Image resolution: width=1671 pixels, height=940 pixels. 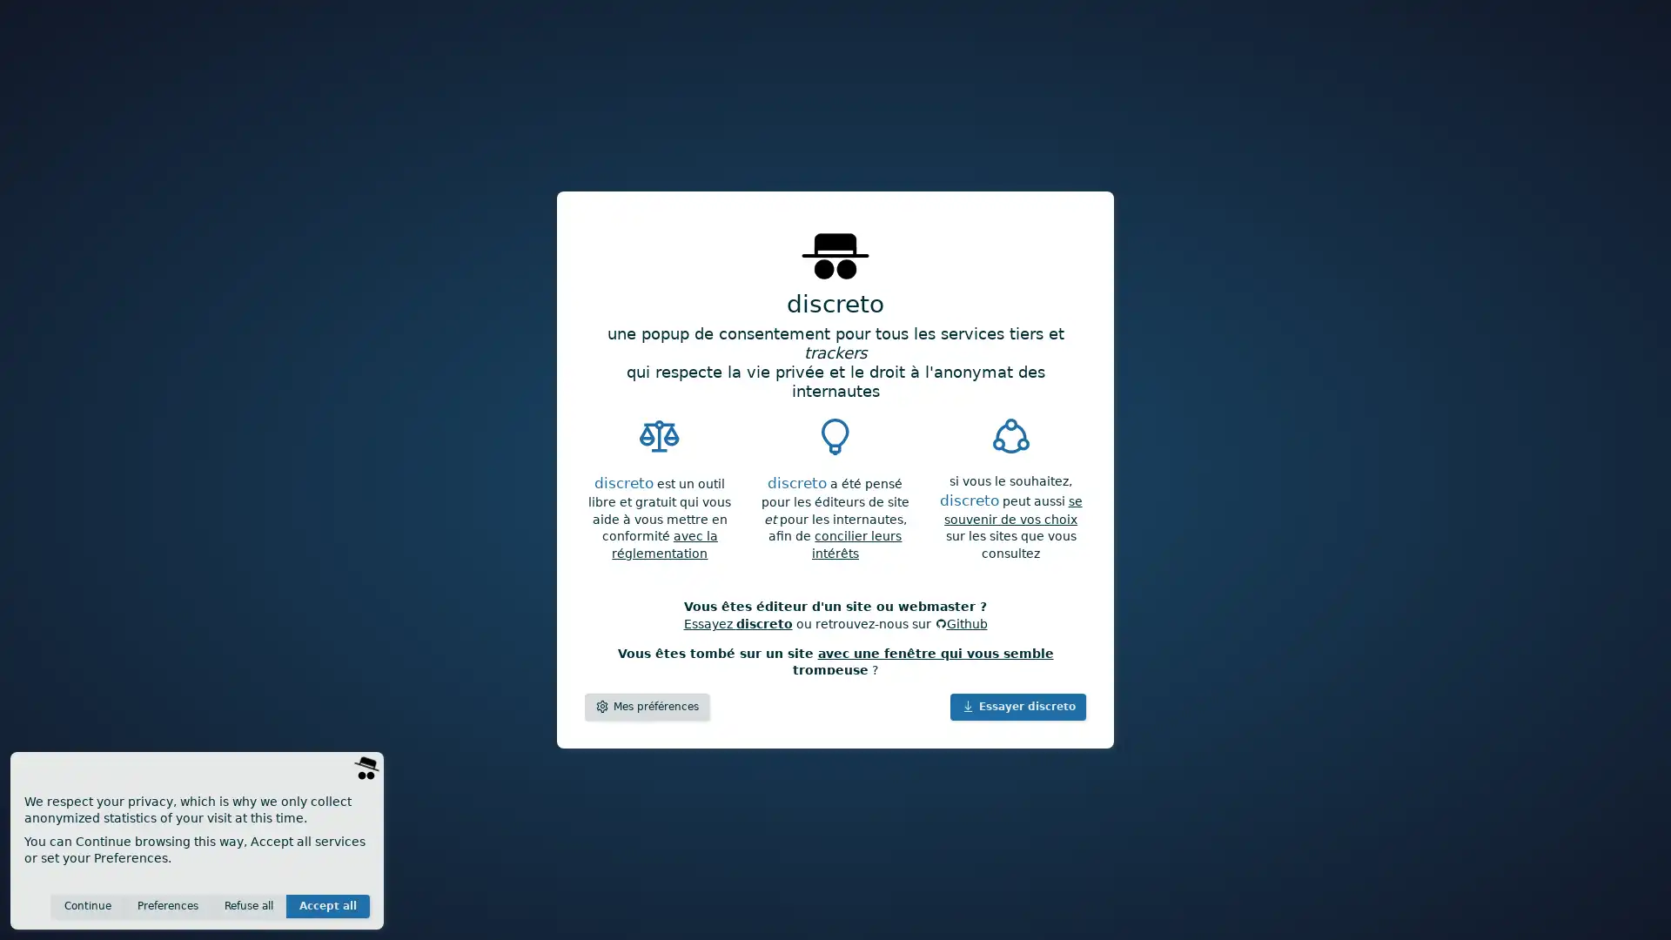 What do you see at coordinates (248, 905) in the screenshot?
I see `Refuse all` at bounding box center [248, 905].